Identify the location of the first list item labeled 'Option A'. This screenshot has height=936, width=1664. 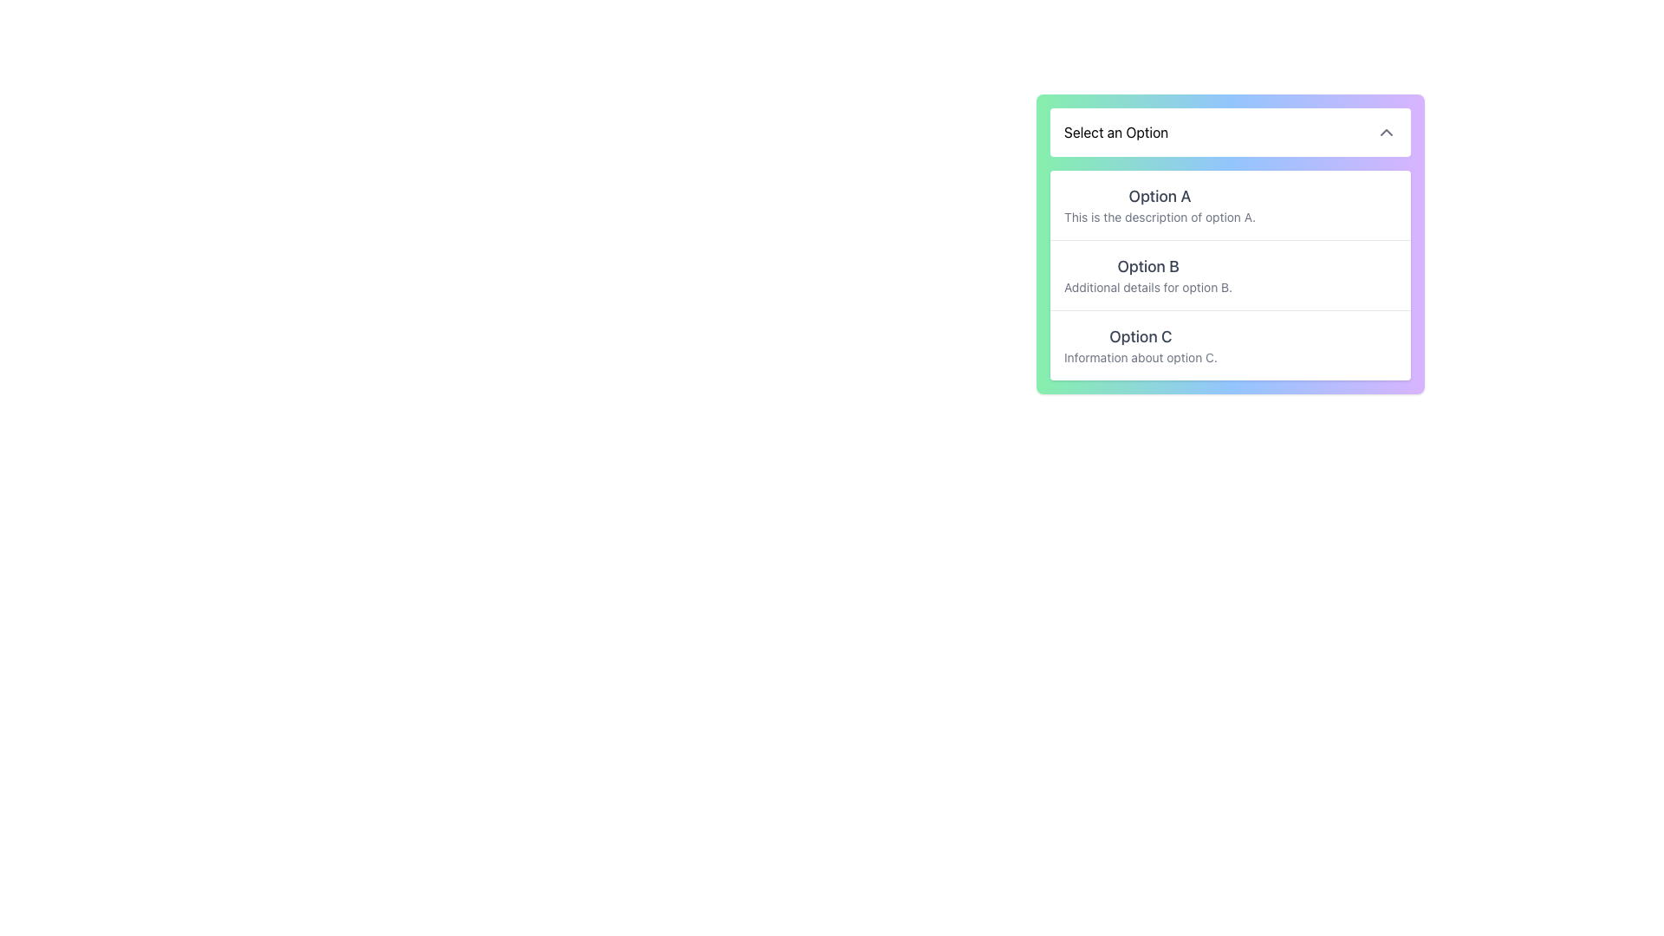
(1230, 204).